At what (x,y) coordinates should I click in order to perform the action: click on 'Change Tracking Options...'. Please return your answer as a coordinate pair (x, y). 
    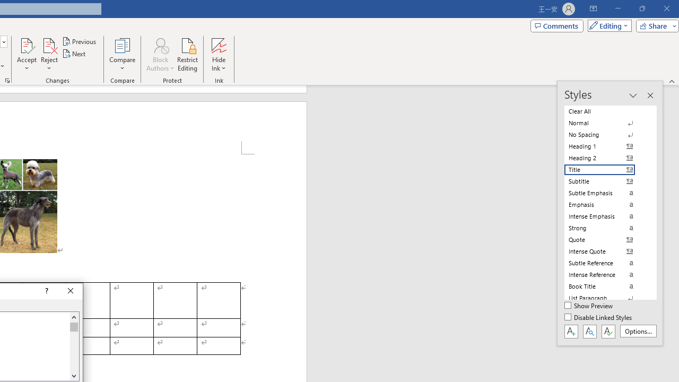
    Looking at the image, I should click on (7, 80).